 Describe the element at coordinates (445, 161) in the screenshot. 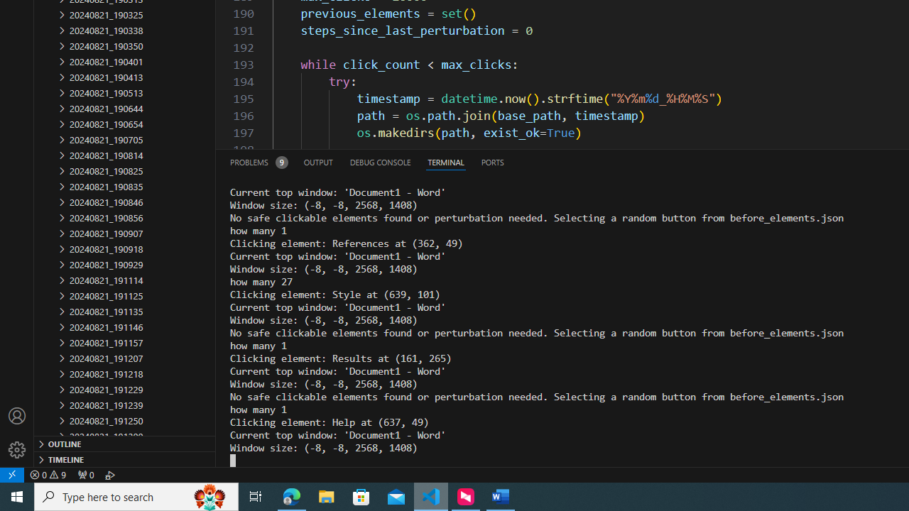

I see `'Terminal (Ctrl+`)'` at that location.